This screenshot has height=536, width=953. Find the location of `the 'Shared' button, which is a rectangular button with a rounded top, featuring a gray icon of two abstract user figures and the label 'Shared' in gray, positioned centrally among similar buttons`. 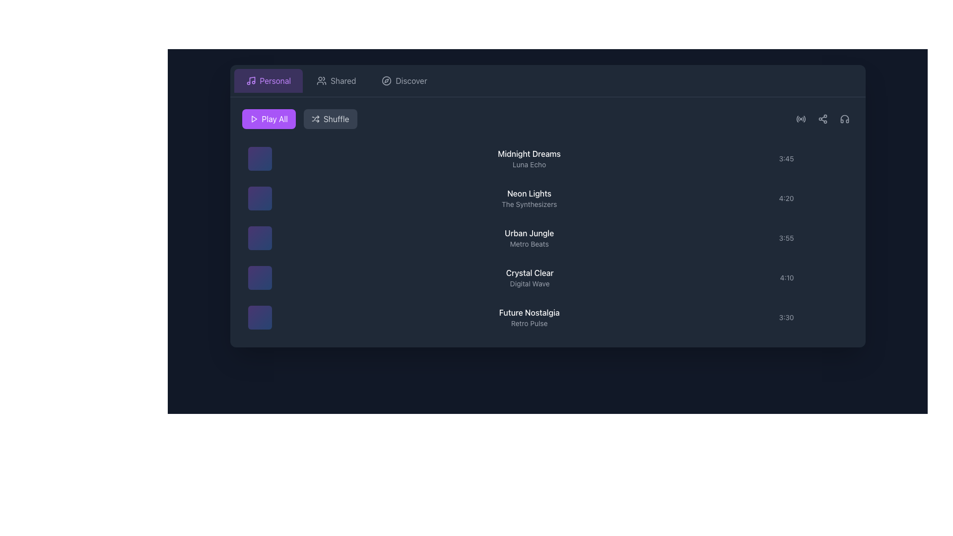

the 'Shared' button, which is a rectangular button with a rounded top, featuring a gray icon of two abstract user figures and the label 'Shared' in gray, positioned centrally among similar buttons is located at coordinates (336, 80).